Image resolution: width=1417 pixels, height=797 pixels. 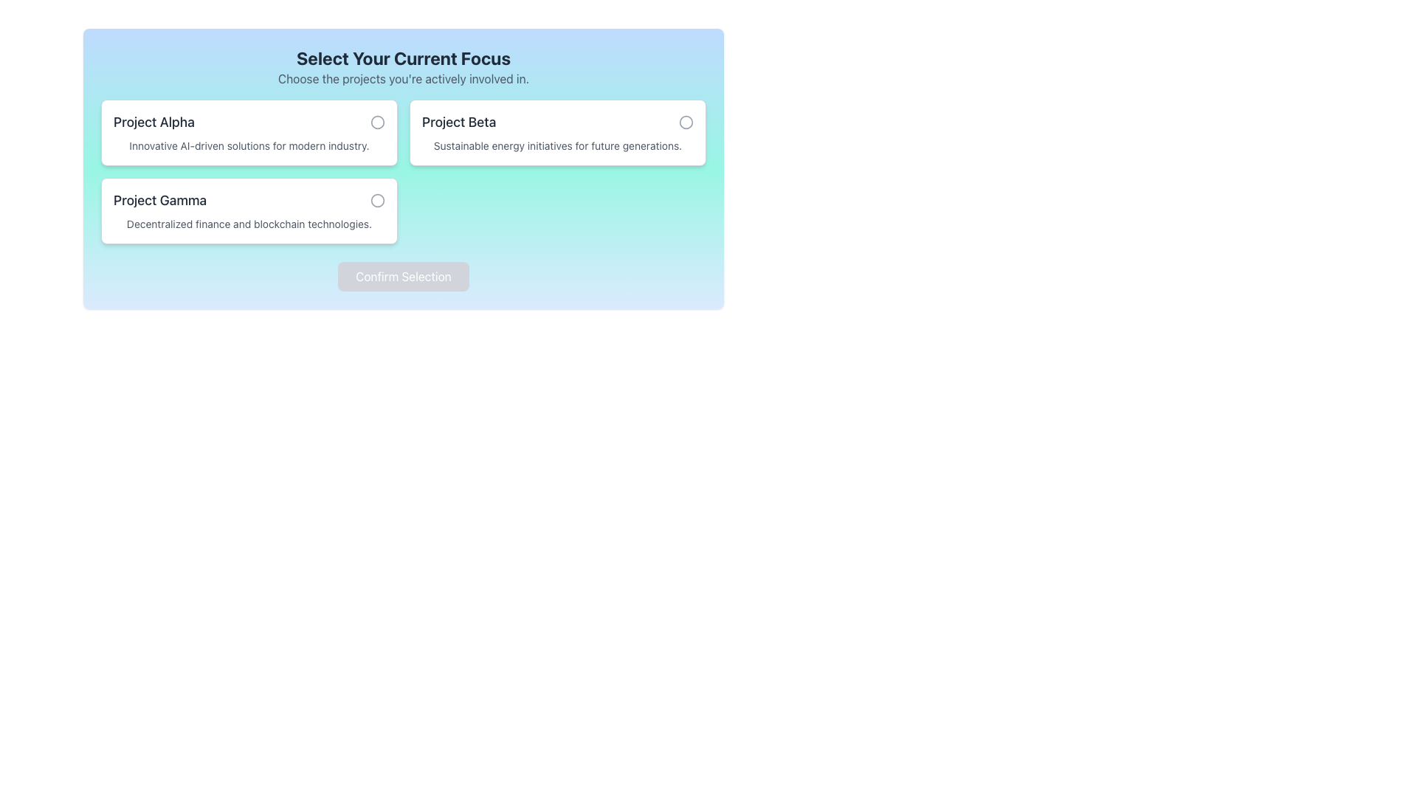 What do you see at coordinates (249, 210) in the screenshot?
I see `the Selection Card representing 'Project Gamma'` at bounding box center [249, 210].